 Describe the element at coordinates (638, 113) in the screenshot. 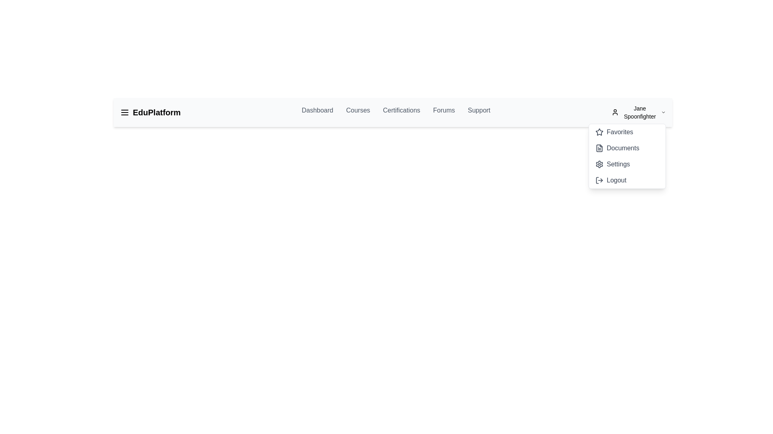

I see `the user profile Dropdown Menu Toggle located in the rightmost section of the navigation bar to interact with additional options or settings` at that location.